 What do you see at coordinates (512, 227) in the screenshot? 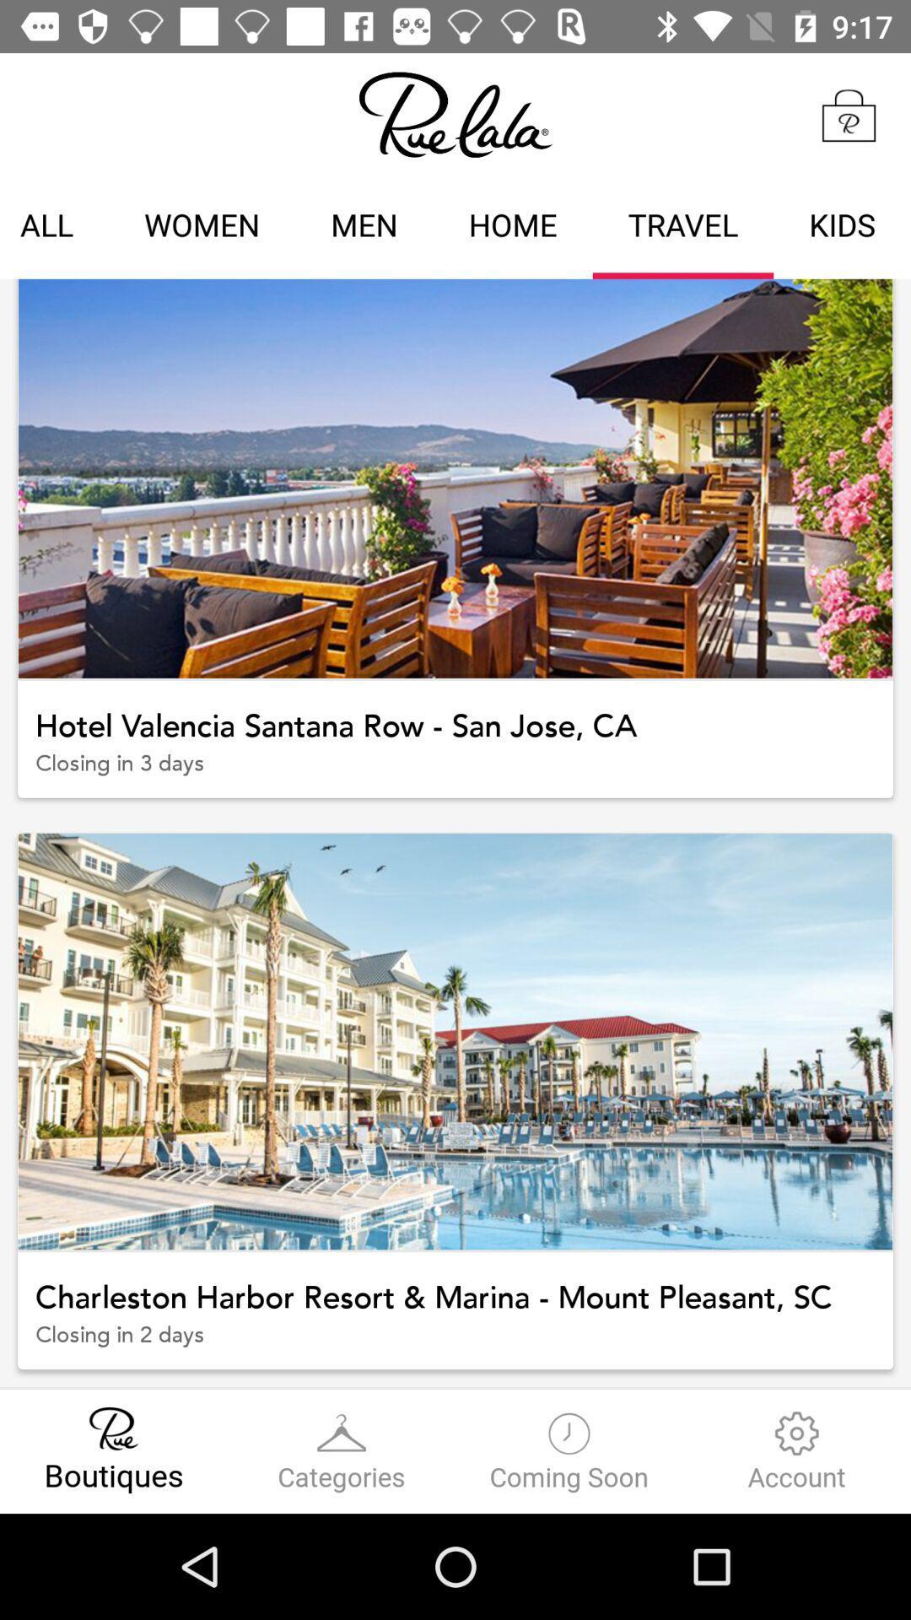
I see `home item` at bounding box center [512, 227].